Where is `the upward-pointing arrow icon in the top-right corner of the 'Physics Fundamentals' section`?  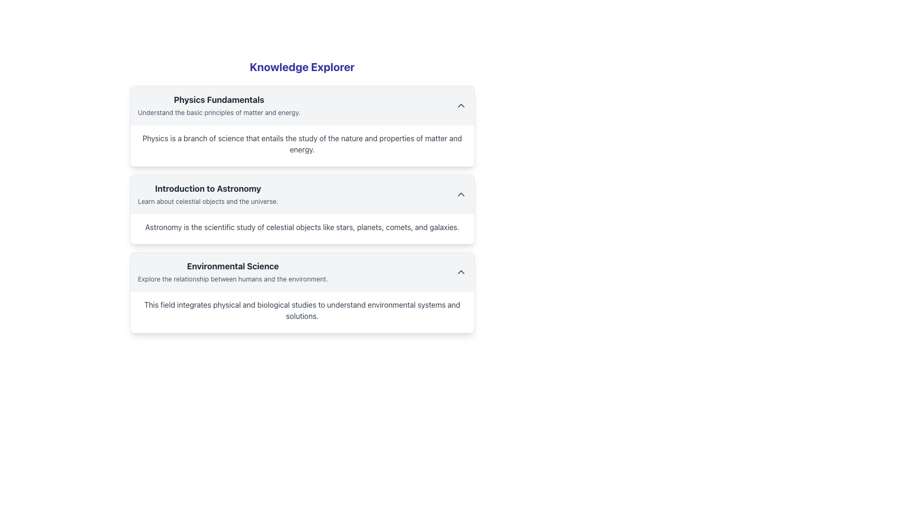 the upward-pointing arrow icon in the top-right corner of the 'Physics Fundamentals' section is located at coordinates (461, 105).